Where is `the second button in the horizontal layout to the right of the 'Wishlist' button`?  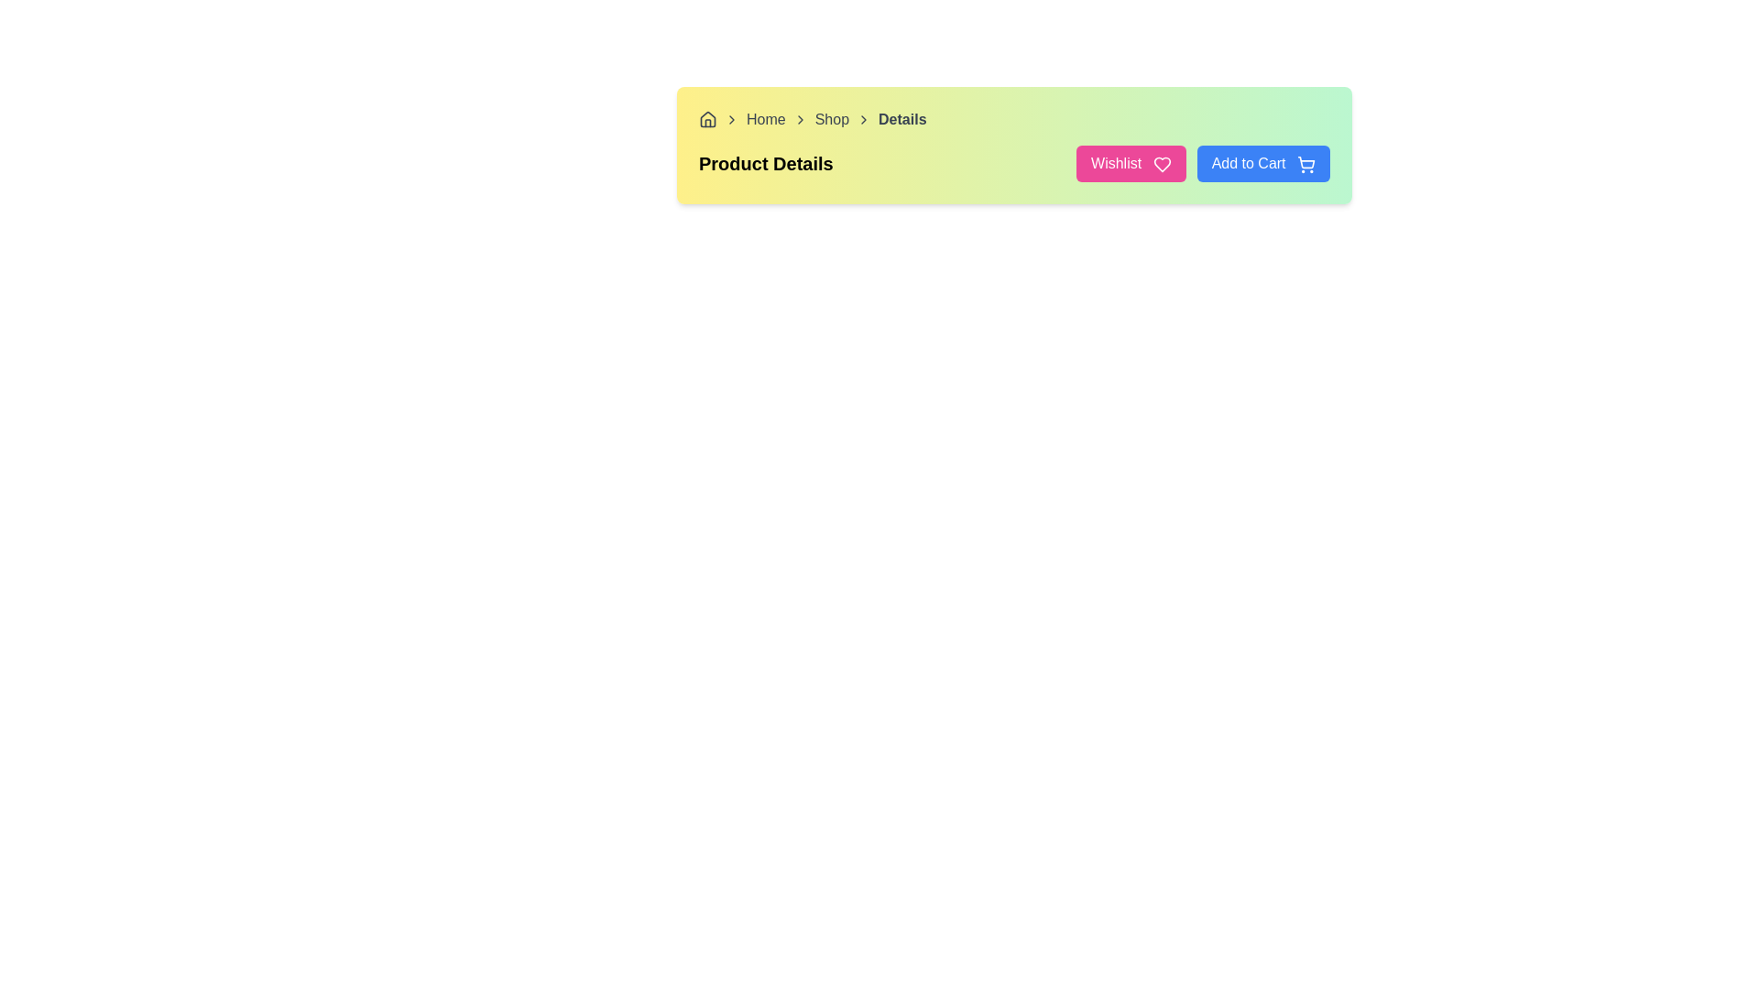 the second button in the horizontal layout to the right of the 'Wishlist' button is located at coordinates (1262, 162).